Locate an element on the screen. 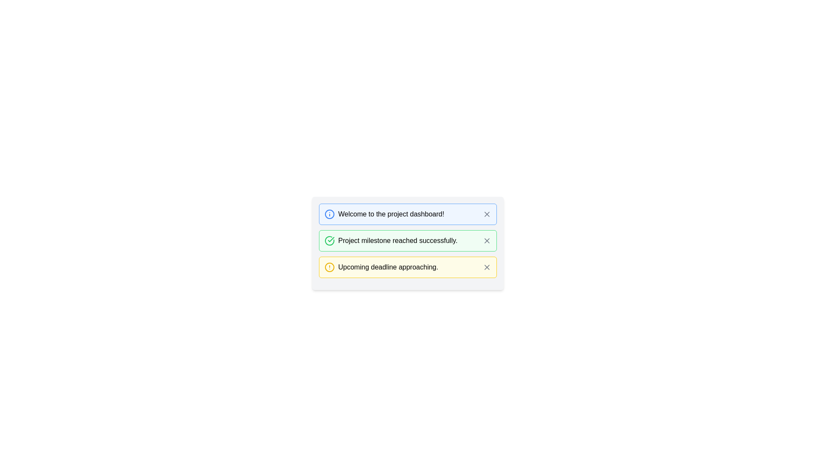 This screenshot has height=462, width=821. the small square-shaped button with an 'X' icon located at the right end of the yellow-bordered notification box displaying 'Upcoming deadline approaching.' is located at coordinates (487, 267).